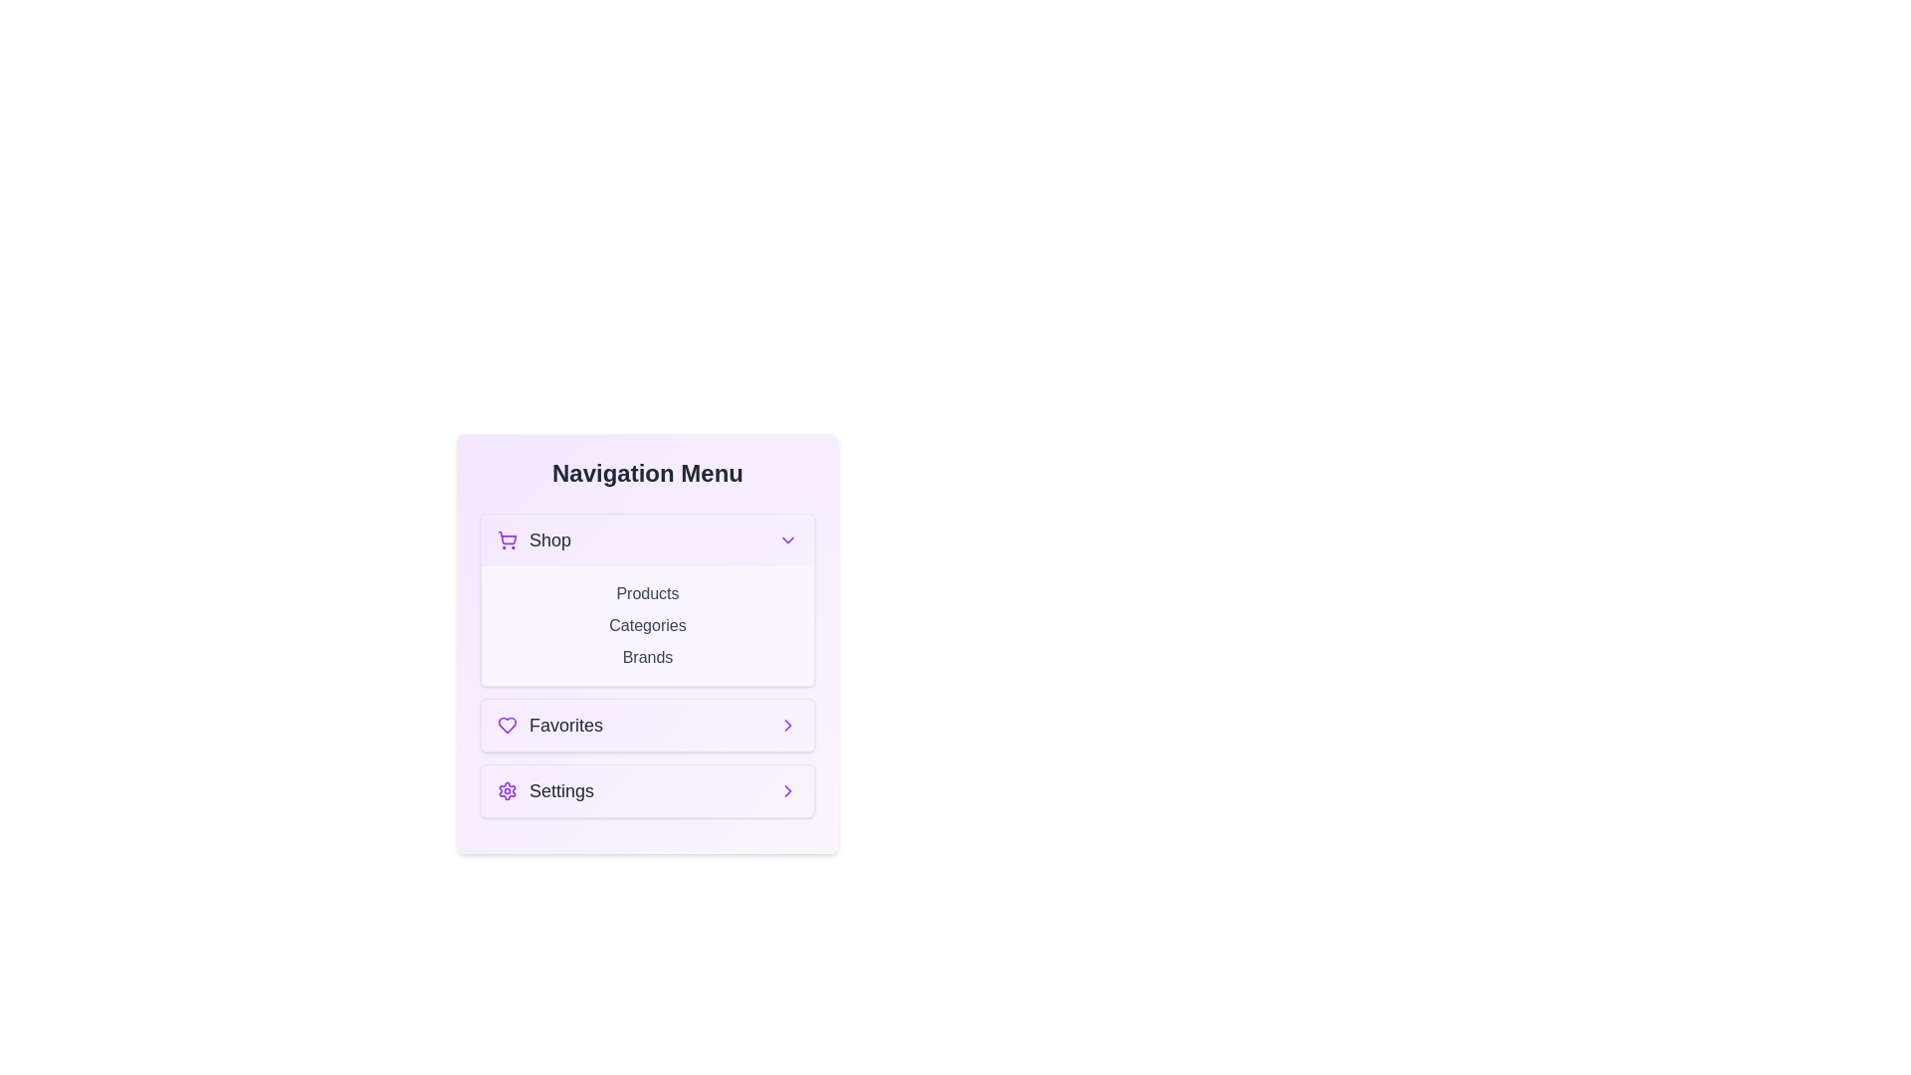  Describe the element at coordinates (648, 473) in the screenshot. I see `the 'Navigation Menu' text label, which is styled in bold and large font and located at the top of a box with a purple-themed gradient background` at that location.